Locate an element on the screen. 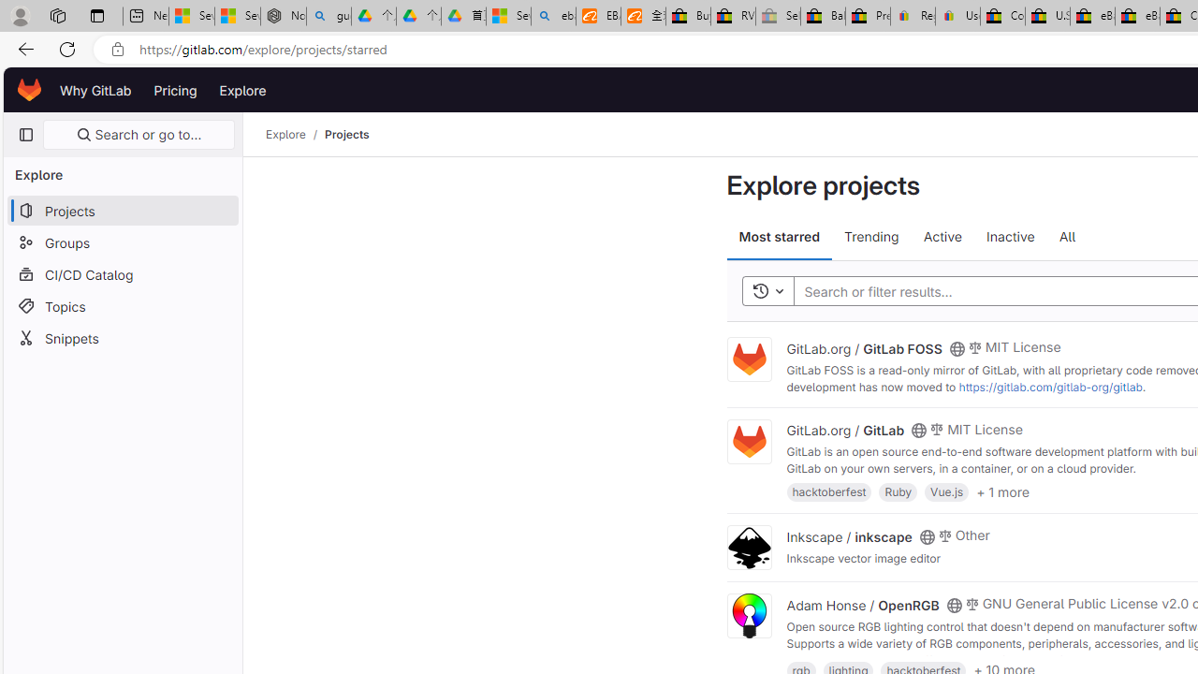 The image size is (1198, 674). 'Press Room - eBay Inc.' is located at coordinates (867, 16).